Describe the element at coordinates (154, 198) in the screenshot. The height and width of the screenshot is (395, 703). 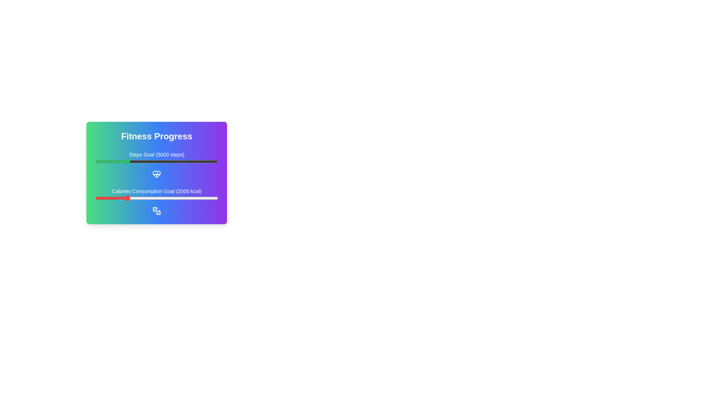
I see `the calorie goal` at that location.